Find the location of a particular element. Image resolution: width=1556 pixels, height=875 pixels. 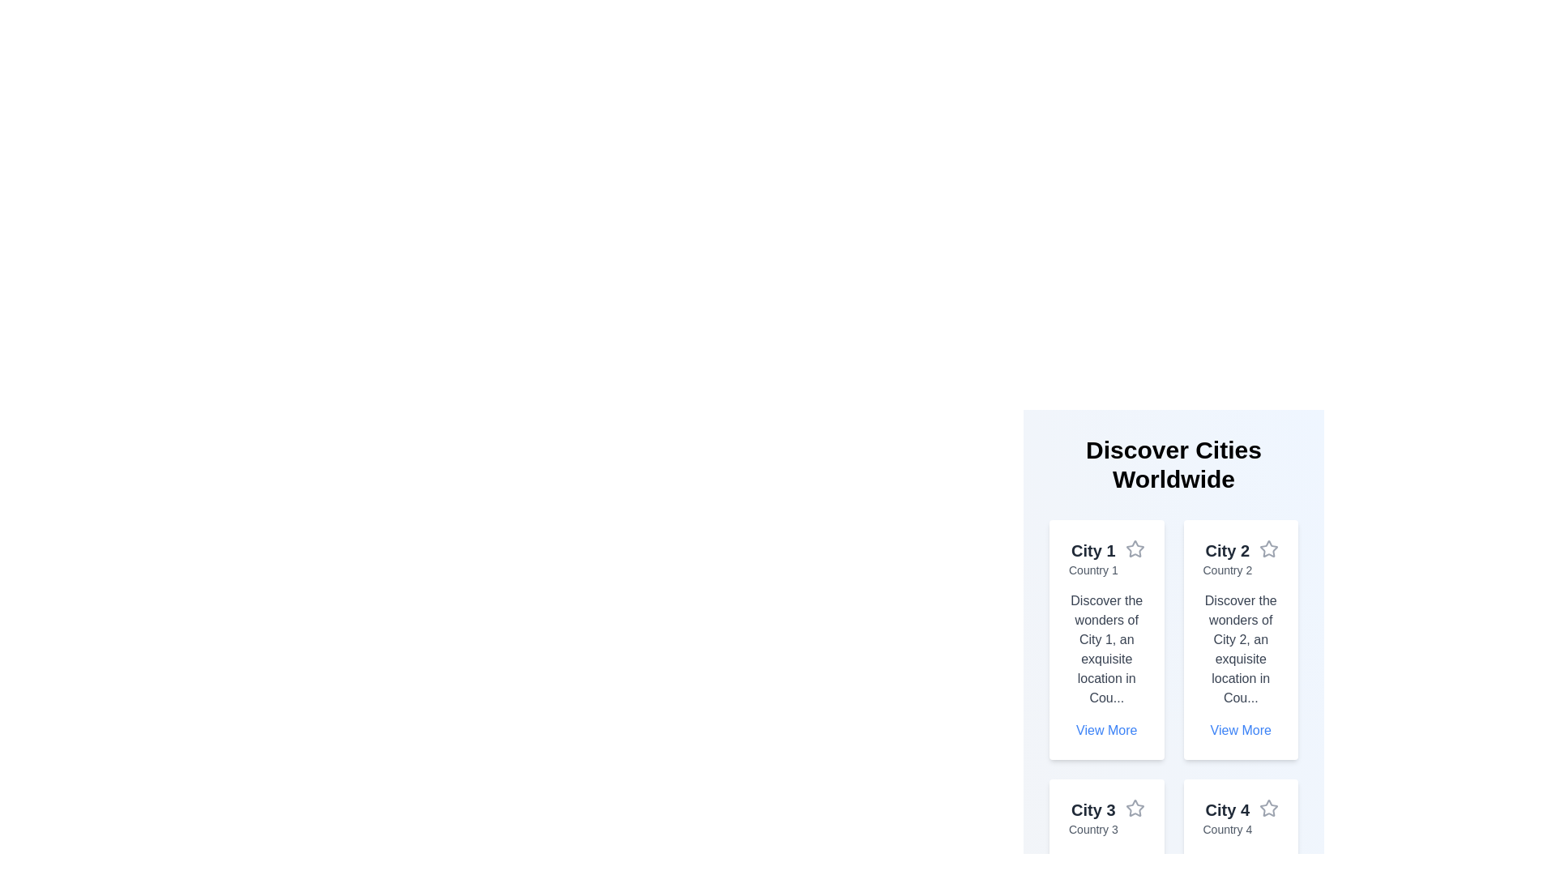

the rating or favorite indicator icon located at the top-right corner of the 'City 2' card in the 'Discover Cities Worldwide' grid layout is located at coordinates (1267, 548).